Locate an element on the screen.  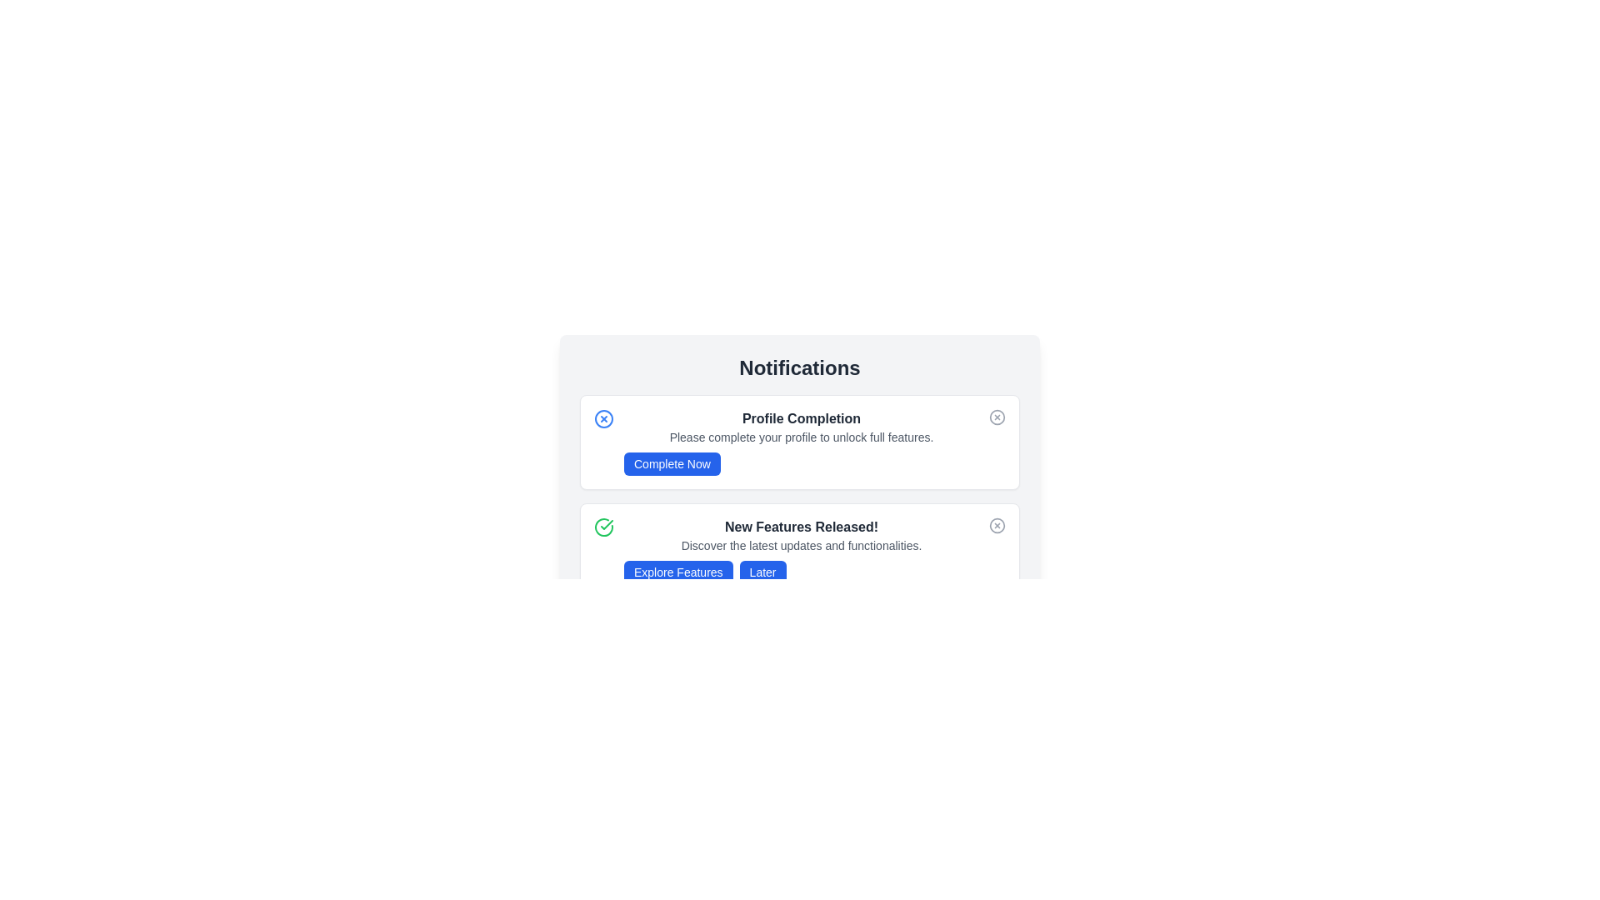
the notification icon to interact with it. Specify the notification type as success is located at coordinates (602, 527).